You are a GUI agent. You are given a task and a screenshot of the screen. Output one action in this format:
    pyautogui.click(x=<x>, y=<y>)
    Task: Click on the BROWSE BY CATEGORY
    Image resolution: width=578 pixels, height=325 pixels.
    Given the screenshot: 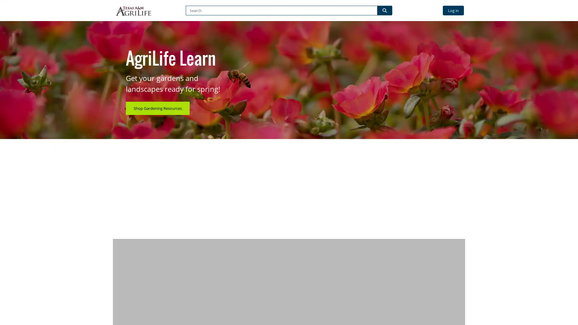 What is the action you would take?
    pyautogui.click(x=163, y=26)
    